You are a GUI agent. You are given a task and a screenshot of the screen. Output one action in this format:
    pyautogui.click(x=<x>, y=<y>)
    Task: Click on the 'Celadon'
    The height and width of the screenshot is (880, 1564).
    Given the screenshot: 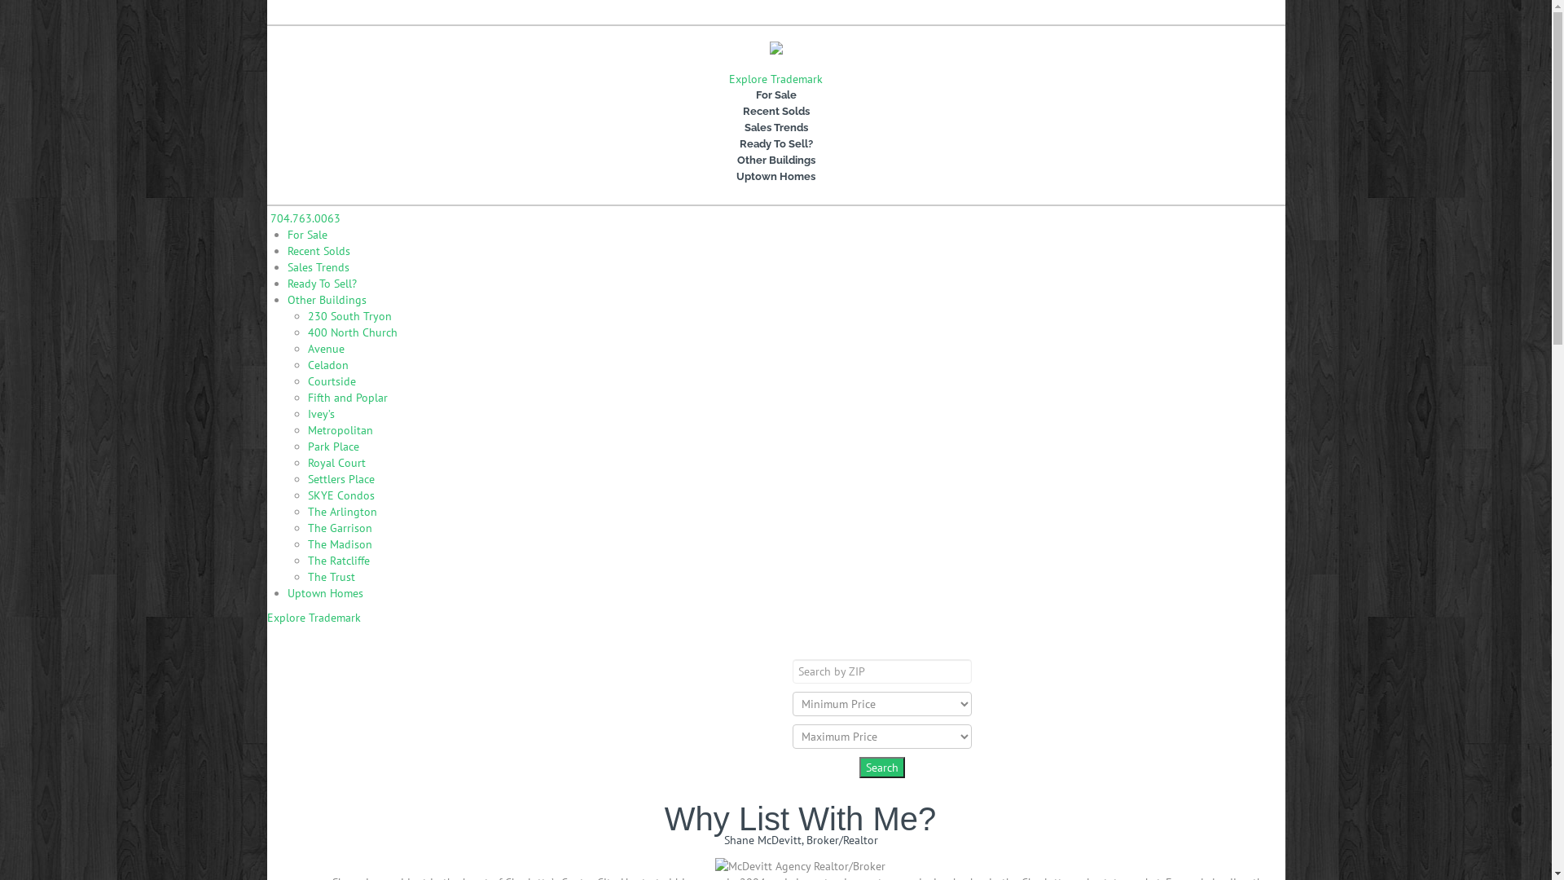 What is the action you would take?
    pyautogui.click(x=327, y=363)
    